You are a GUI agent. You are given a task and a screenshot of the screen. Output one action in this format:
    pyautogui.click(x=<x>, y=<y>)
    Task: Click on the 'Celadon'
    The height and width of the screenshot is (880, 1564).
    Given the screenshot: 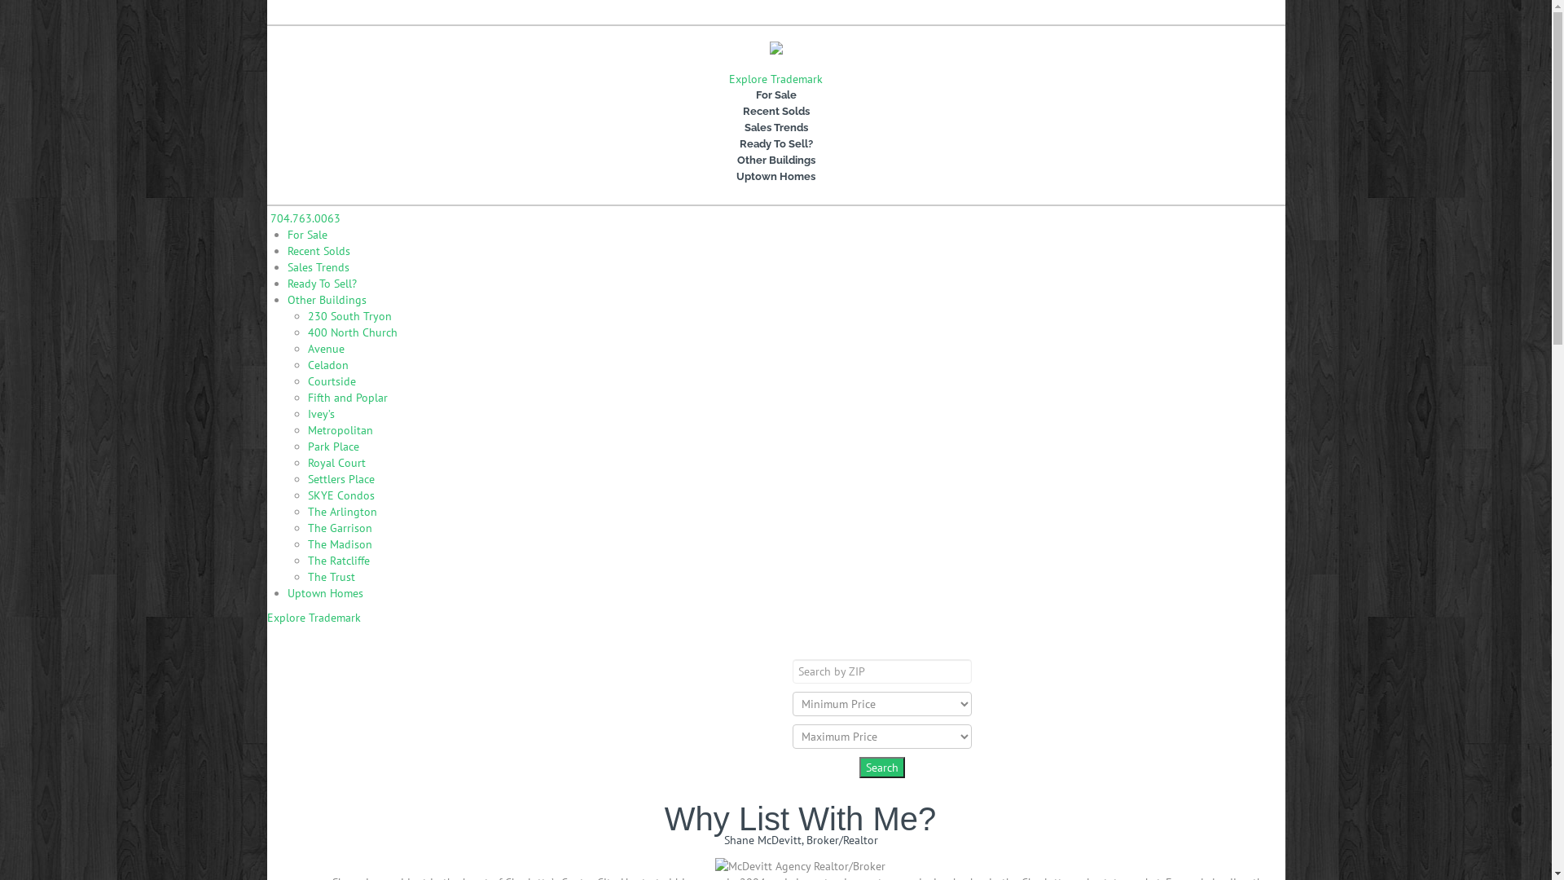 What is the action you would take?
    pyautogui.click(x=327, y=363)
    